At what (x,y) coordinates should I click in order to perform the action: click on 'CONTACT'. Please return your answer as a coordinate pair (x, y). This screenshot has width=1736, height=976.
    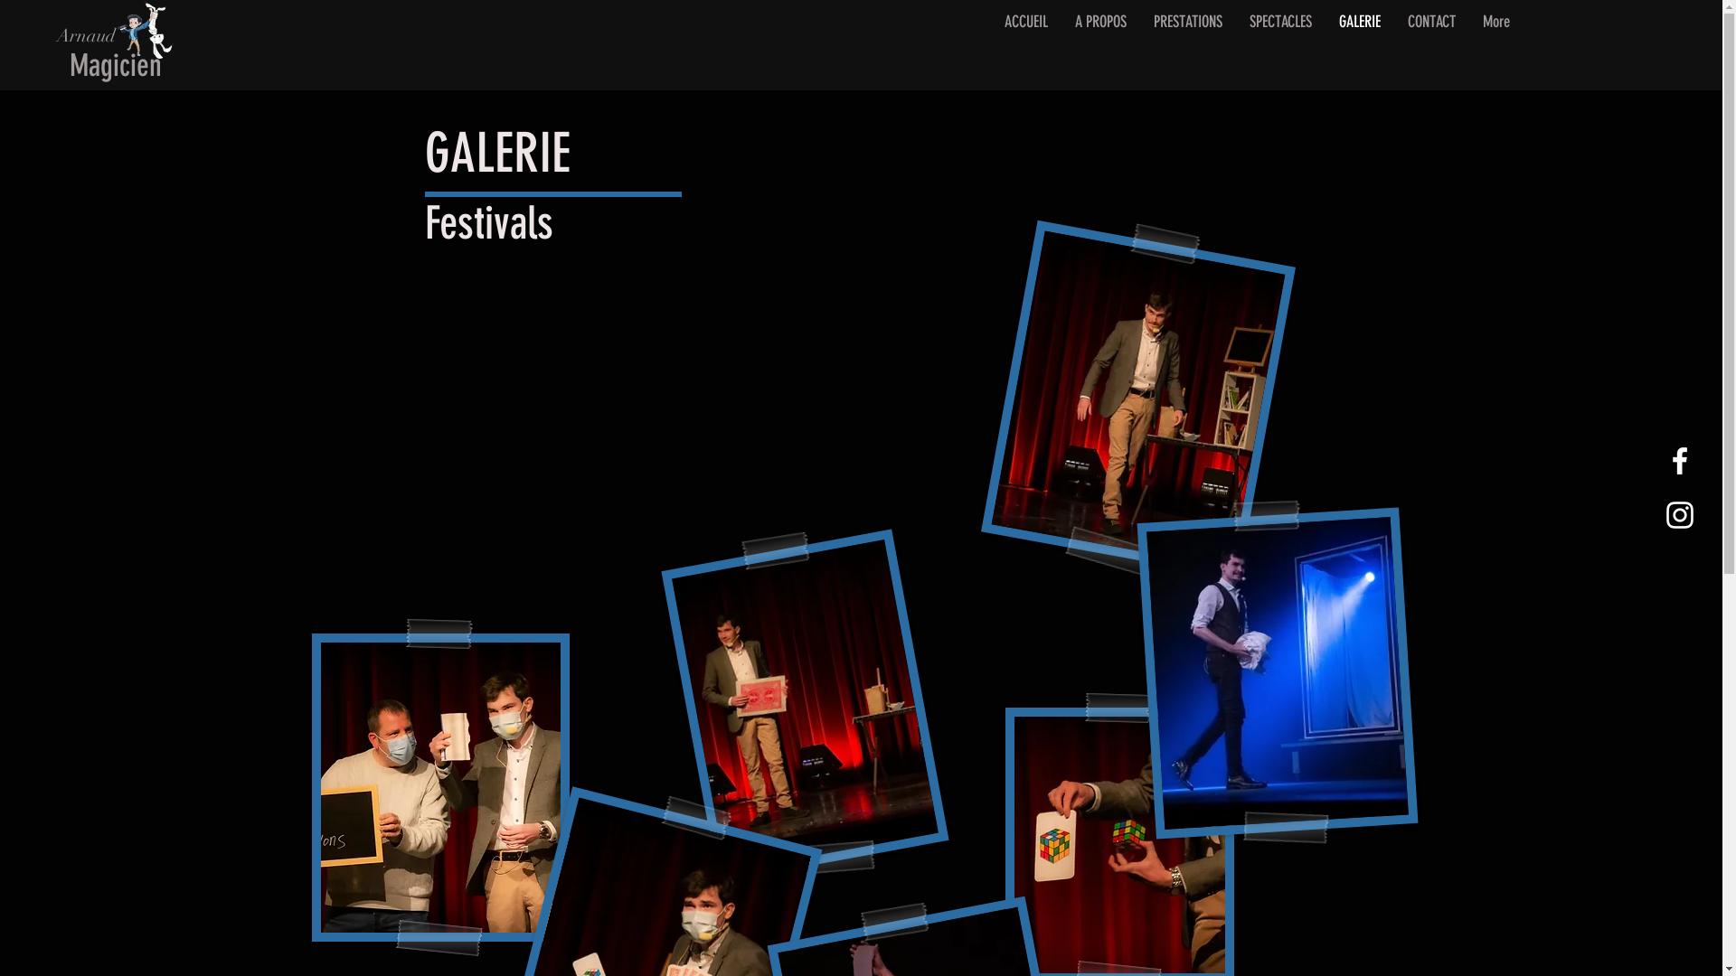
    Looking at the image, I should click on (1430, 46).